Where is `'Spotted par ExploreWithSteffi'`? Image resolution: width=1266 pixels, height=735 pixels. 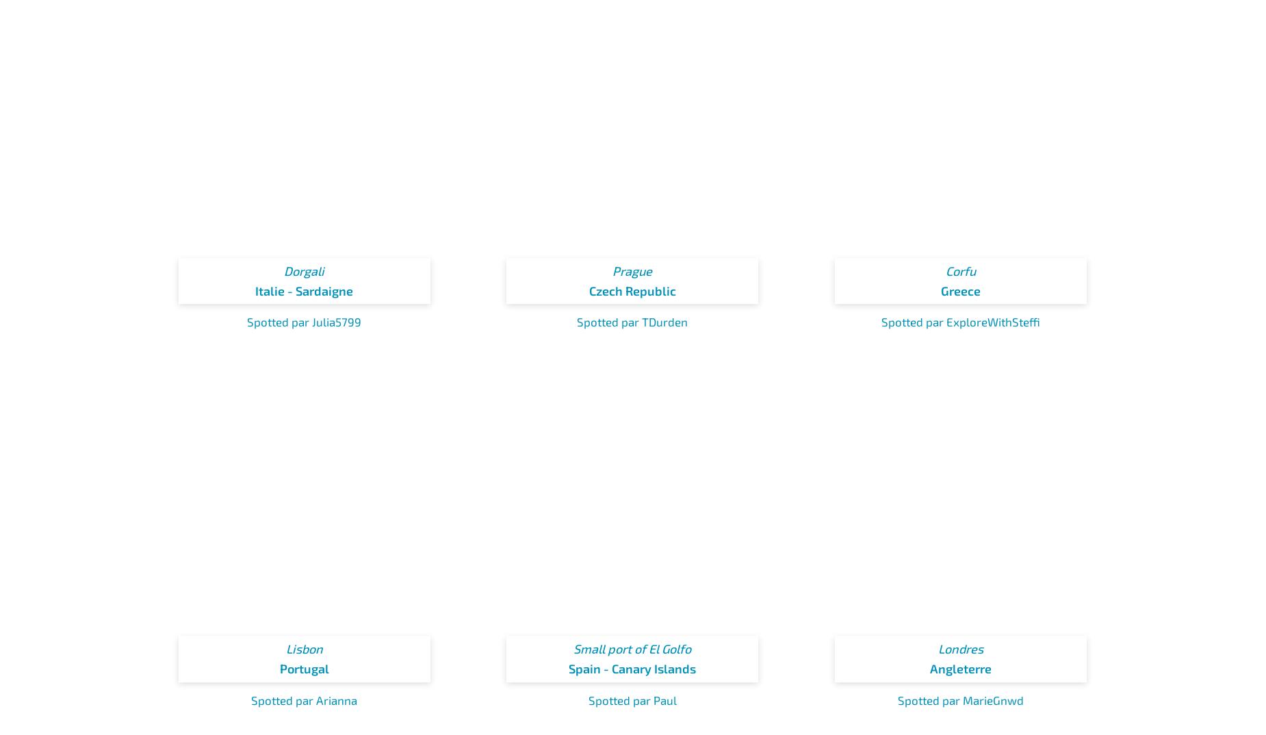
'Spotted par ExploreWithSteffi' is located at coordinates (960, 320).